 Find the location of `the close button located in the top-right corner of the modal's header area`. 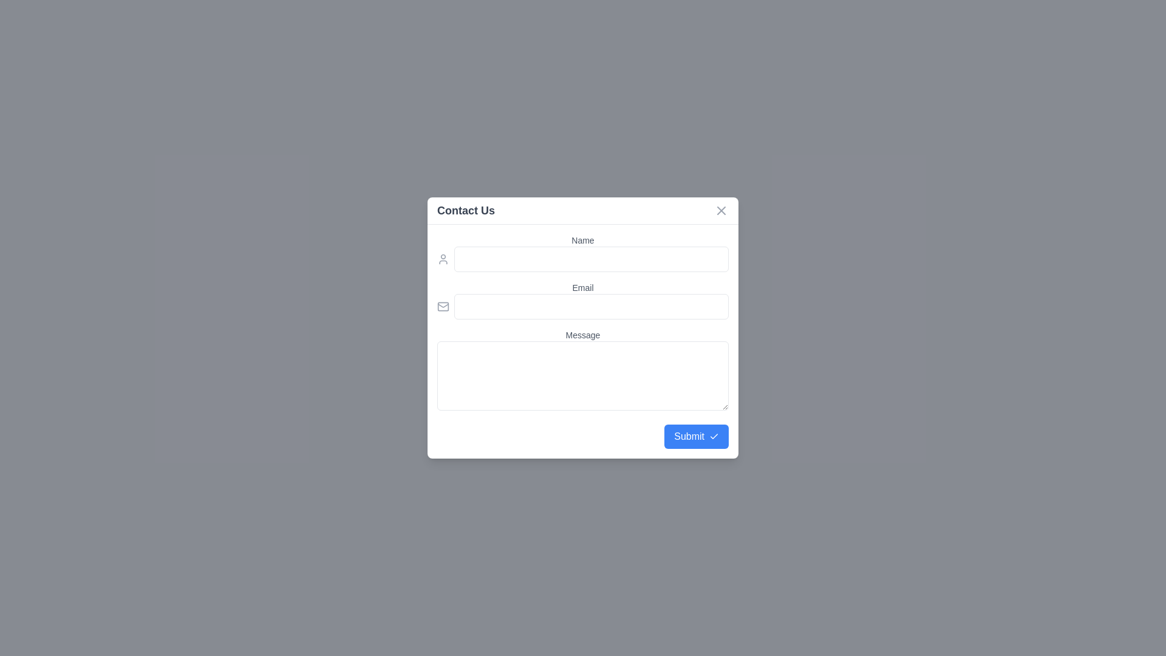

the close button located in the top-right corner of the modal's header area is located at coordinates (721, 210).